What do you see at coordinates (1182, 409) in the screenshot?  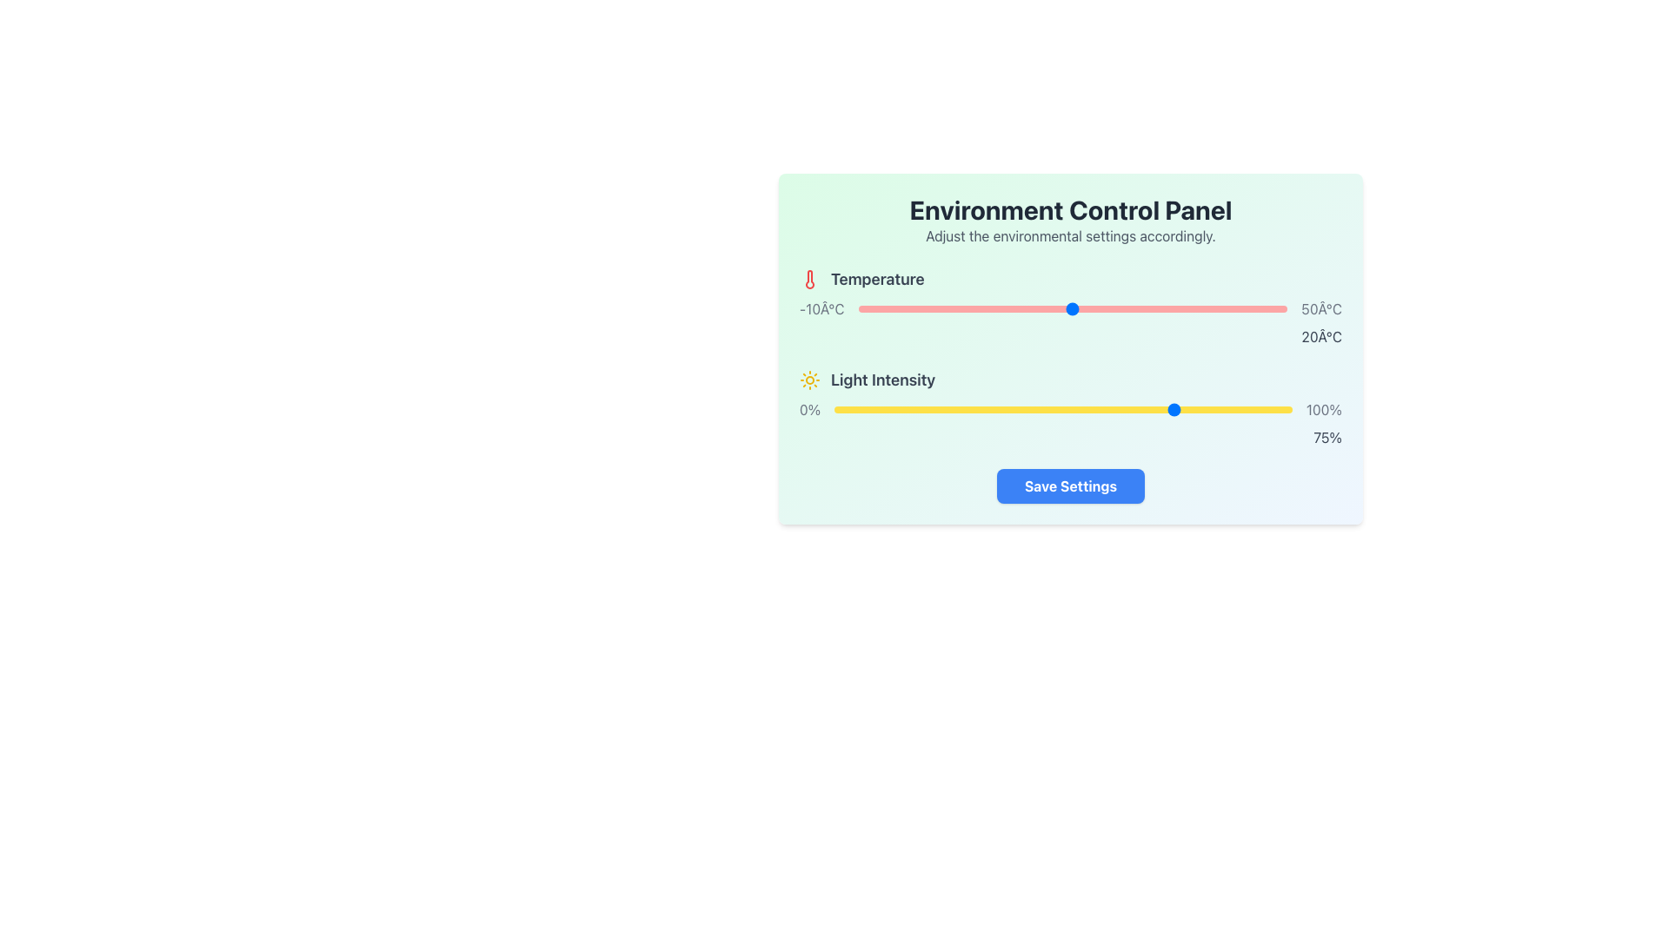 I see `the light intensity` at bounding box center [1182, 409].